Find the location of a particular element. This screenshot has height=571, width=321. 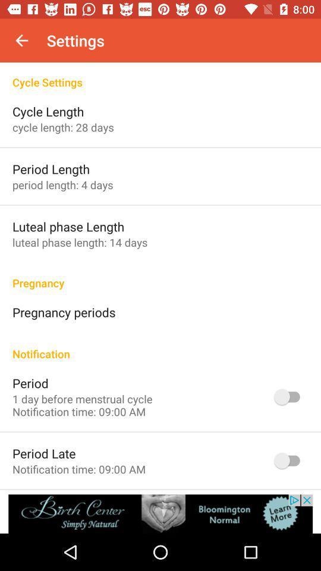

advertising page is located at coordinates (160, 513).